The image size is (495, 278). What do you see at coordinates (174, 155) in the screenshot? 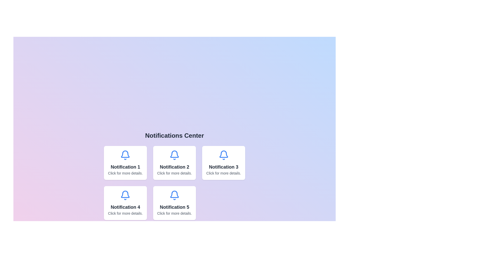
I see `the blue bell-shaped notification icon located in the second column of the first row of the Notifications Center grid, positioned above the 'Notification 2' text label` at bounding box center [174, 155].